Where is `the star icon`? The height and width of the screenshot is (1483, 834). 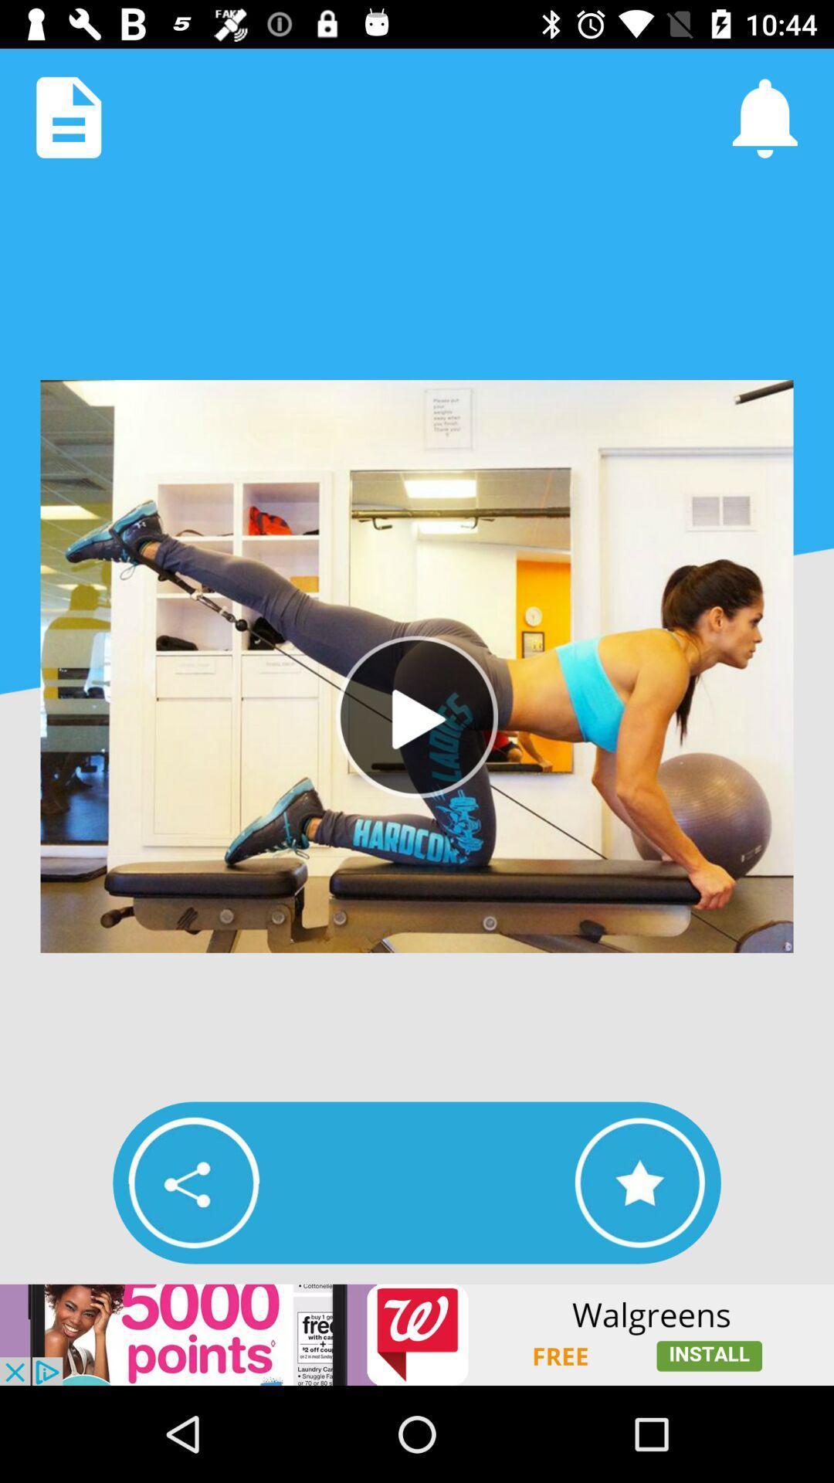 the star icon is located at coordinates (639, 1182).